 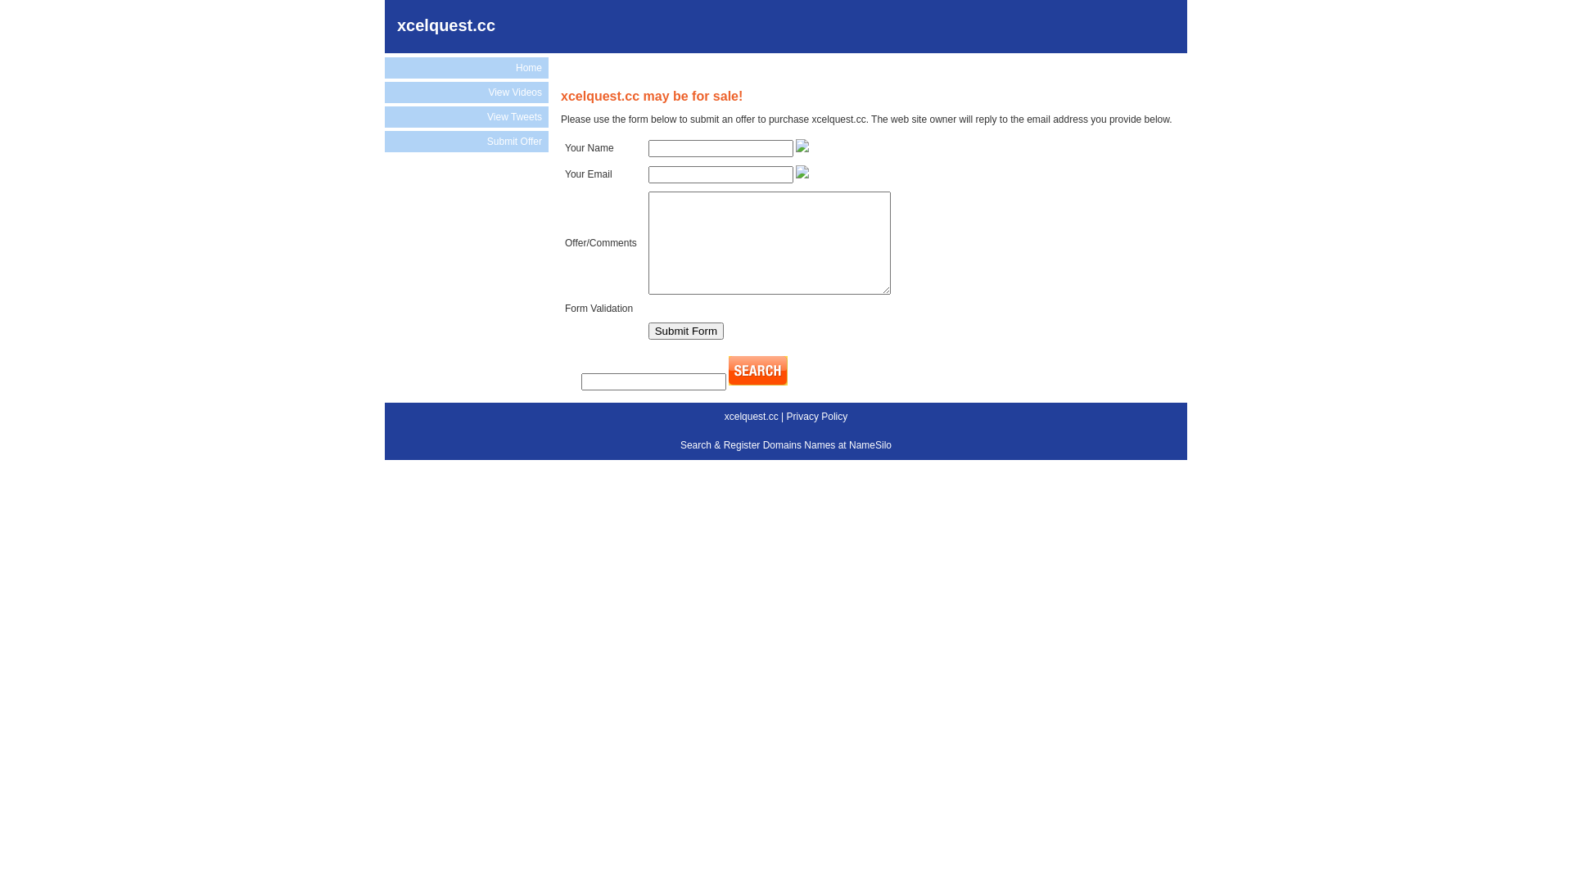 I want to click on 'View Tweets', so click(x=466, y=115).